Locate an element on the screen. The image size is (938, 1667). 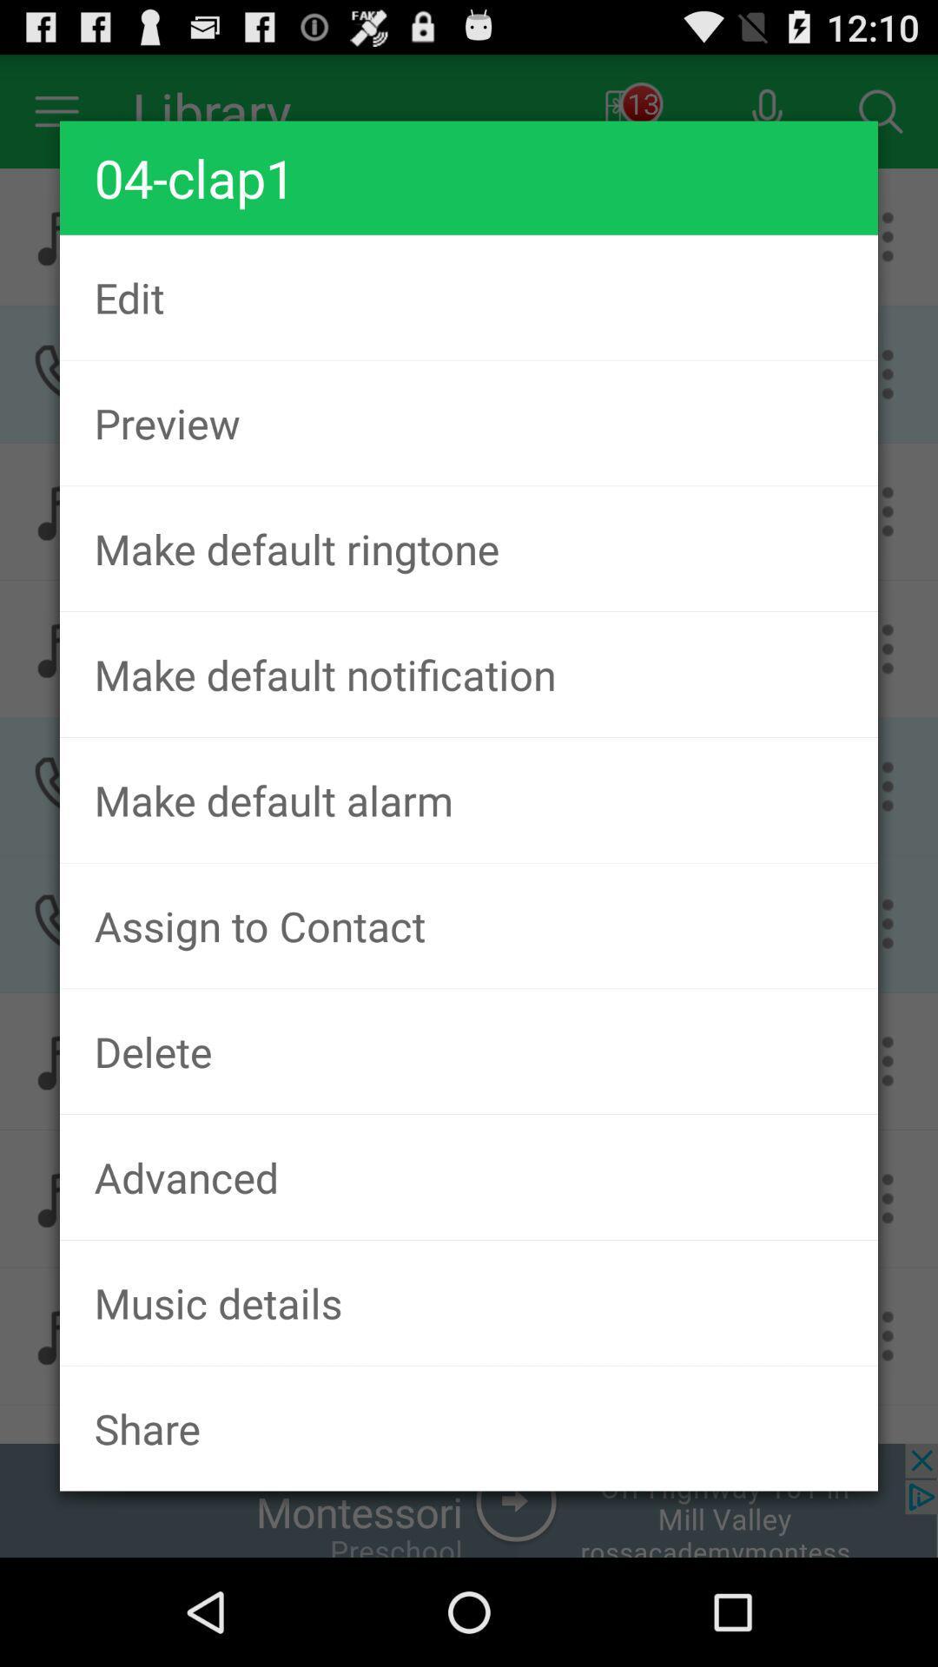
the assign to contact app is located at coordinates (469, 925).